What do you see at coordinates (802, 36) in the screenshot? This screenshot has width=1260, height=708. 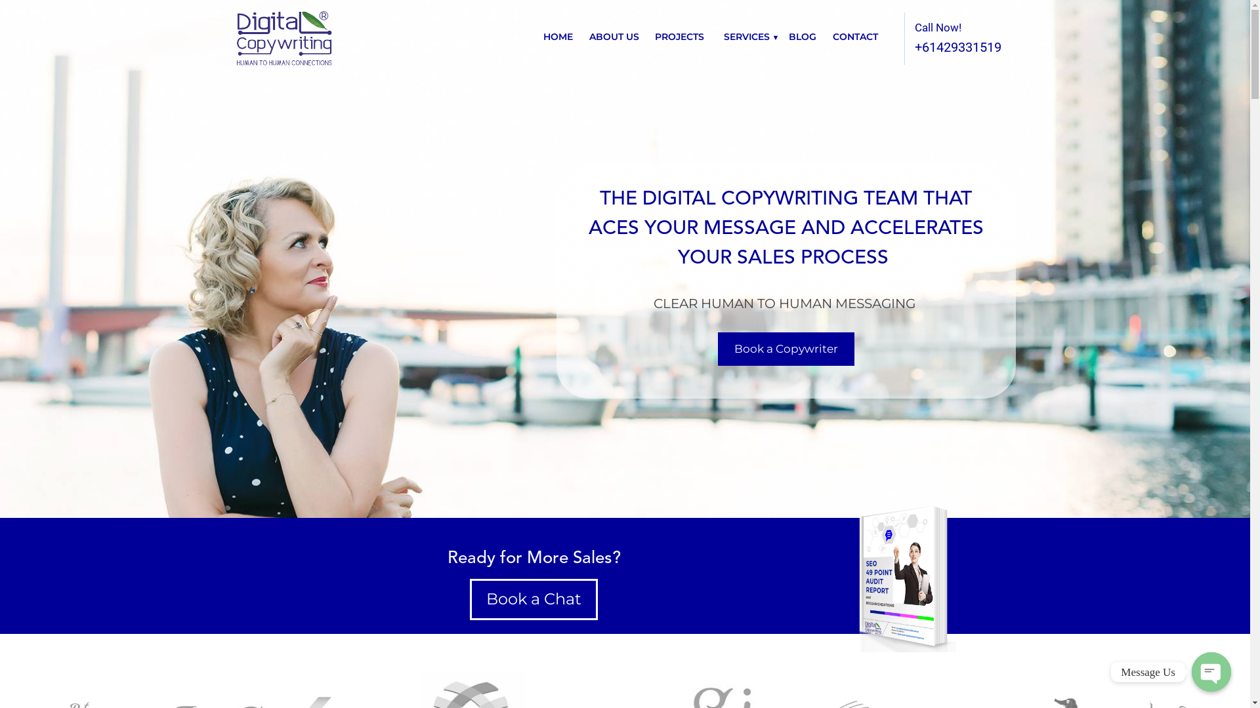 I see `'BLOG'` at bounding box center [802, 36].